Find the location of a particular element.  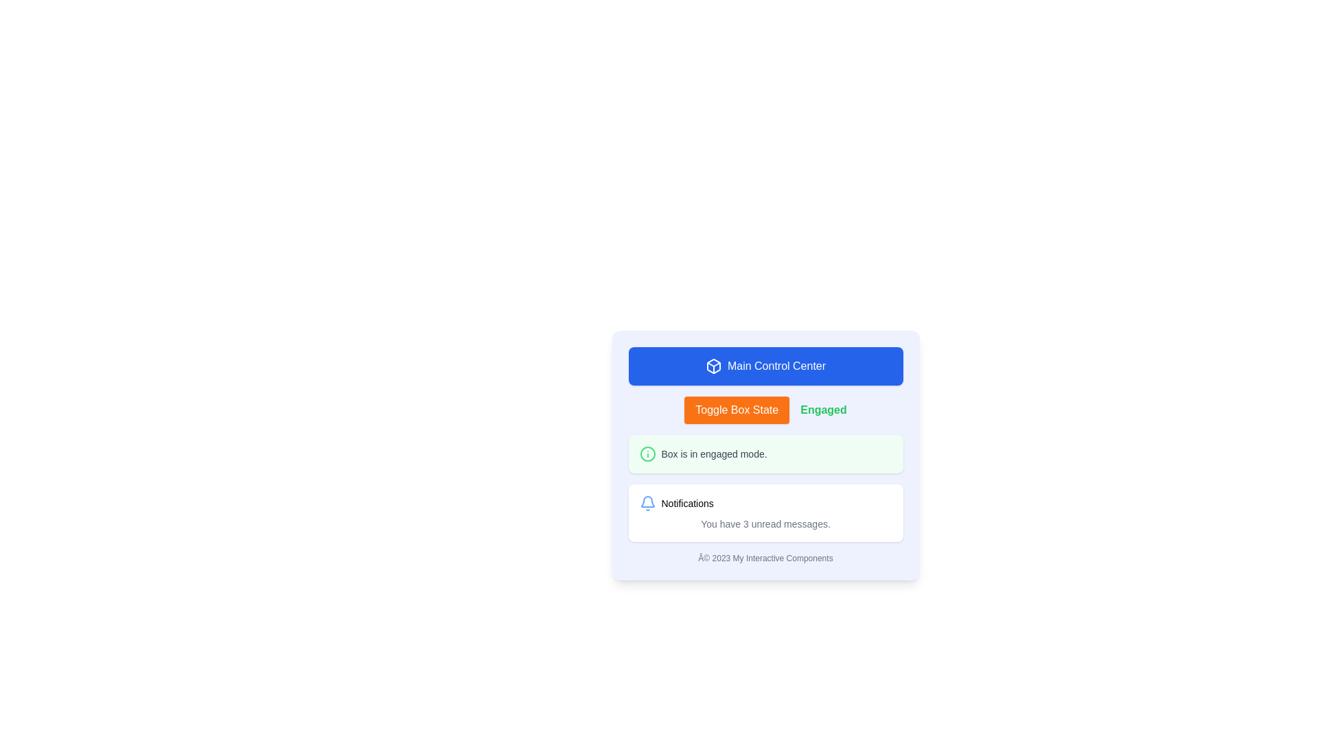

the text label that indicates the number of unread messages in the notification card, located below the 'Notifications' title is located at coordinates (765, 524).